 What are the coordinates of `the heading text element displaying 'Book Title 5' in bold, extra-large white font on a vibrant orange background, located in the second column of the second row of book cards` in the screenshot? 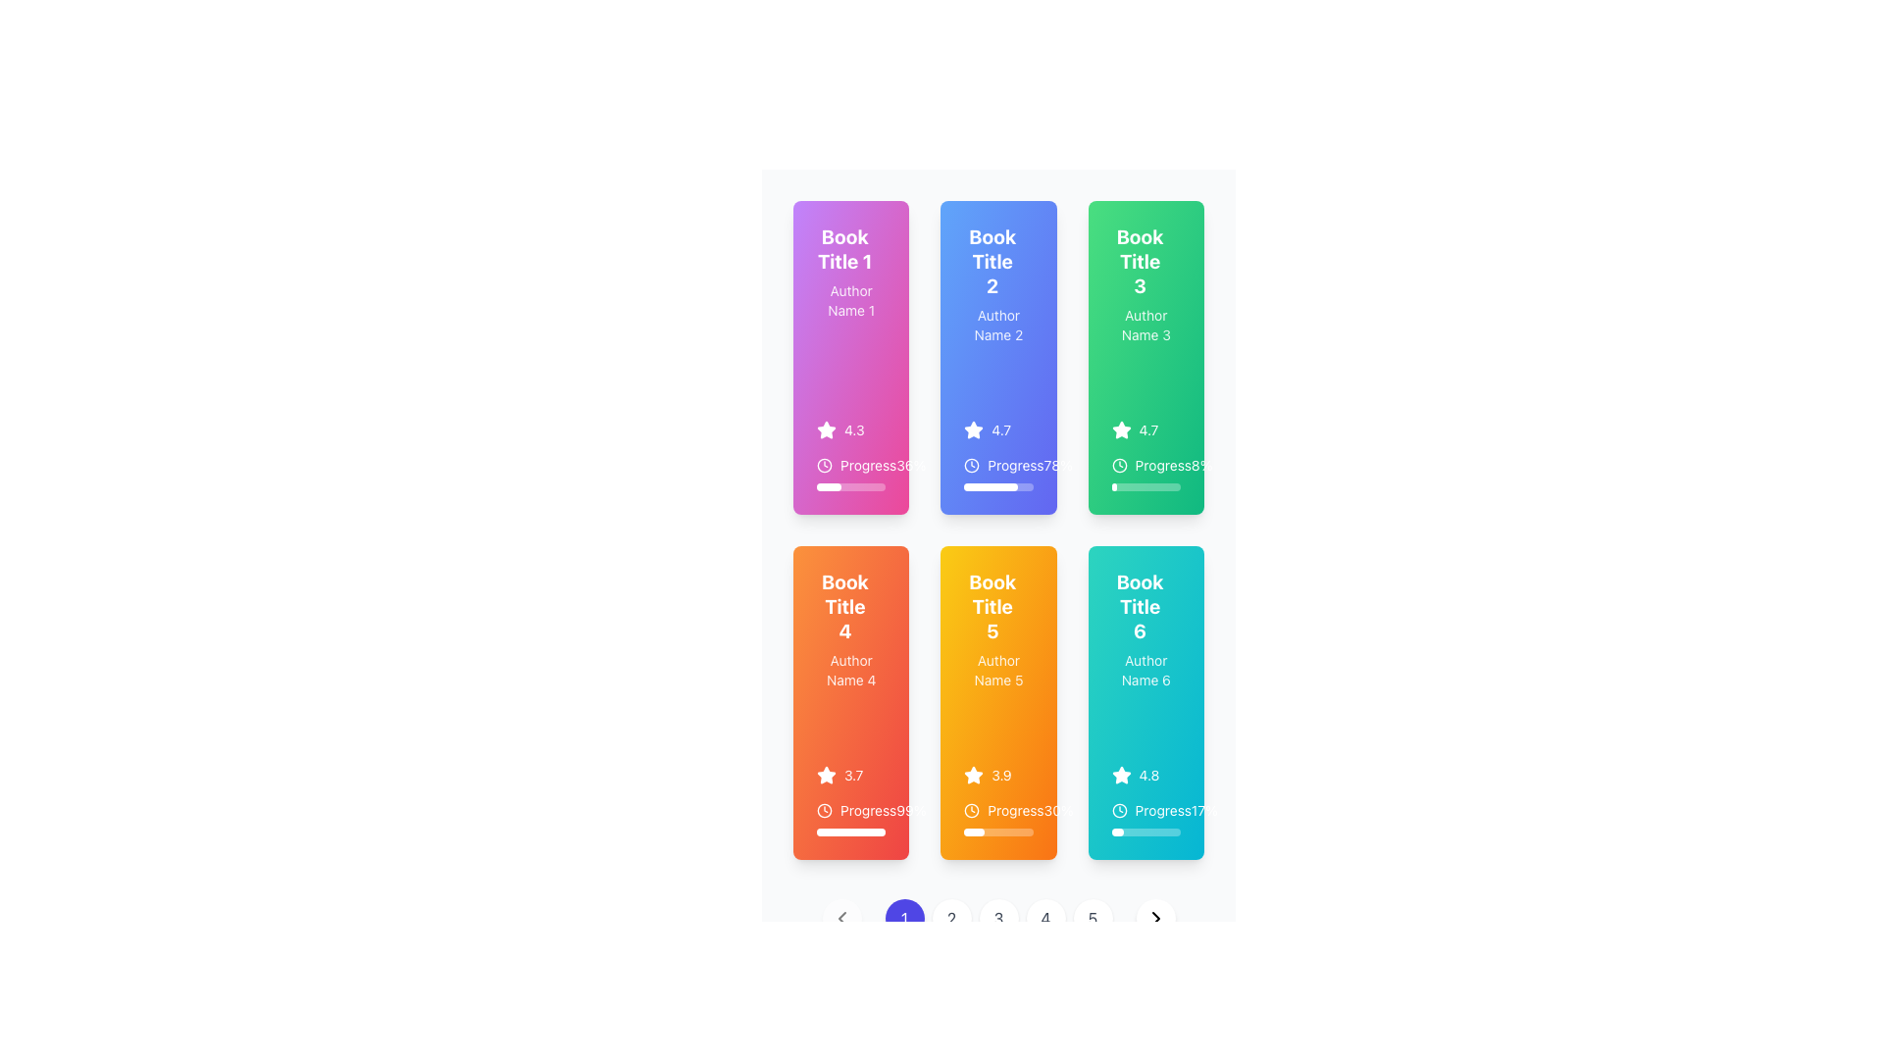 It's located at (992, 605).